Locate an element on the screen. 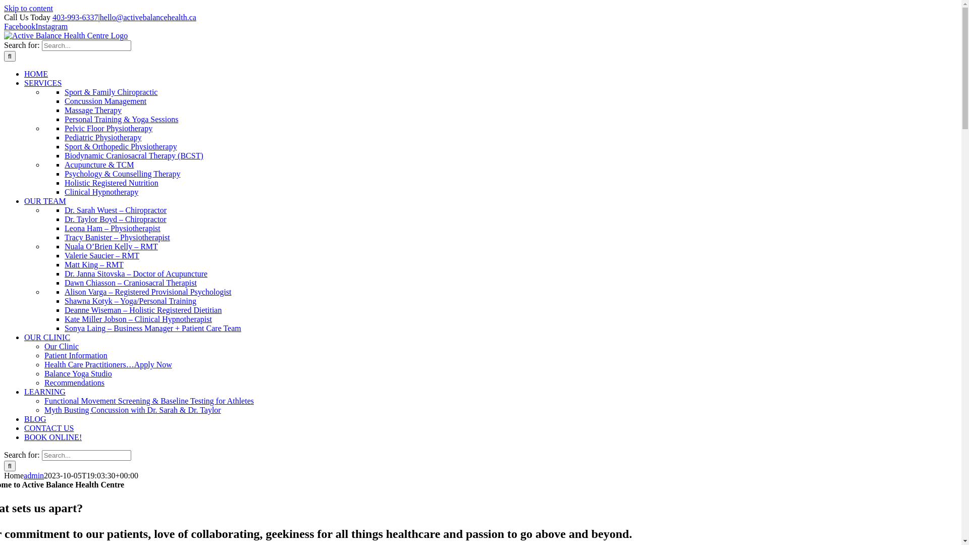  'Psychology & Counselling Therapy' is located at coordinates (122, 173).